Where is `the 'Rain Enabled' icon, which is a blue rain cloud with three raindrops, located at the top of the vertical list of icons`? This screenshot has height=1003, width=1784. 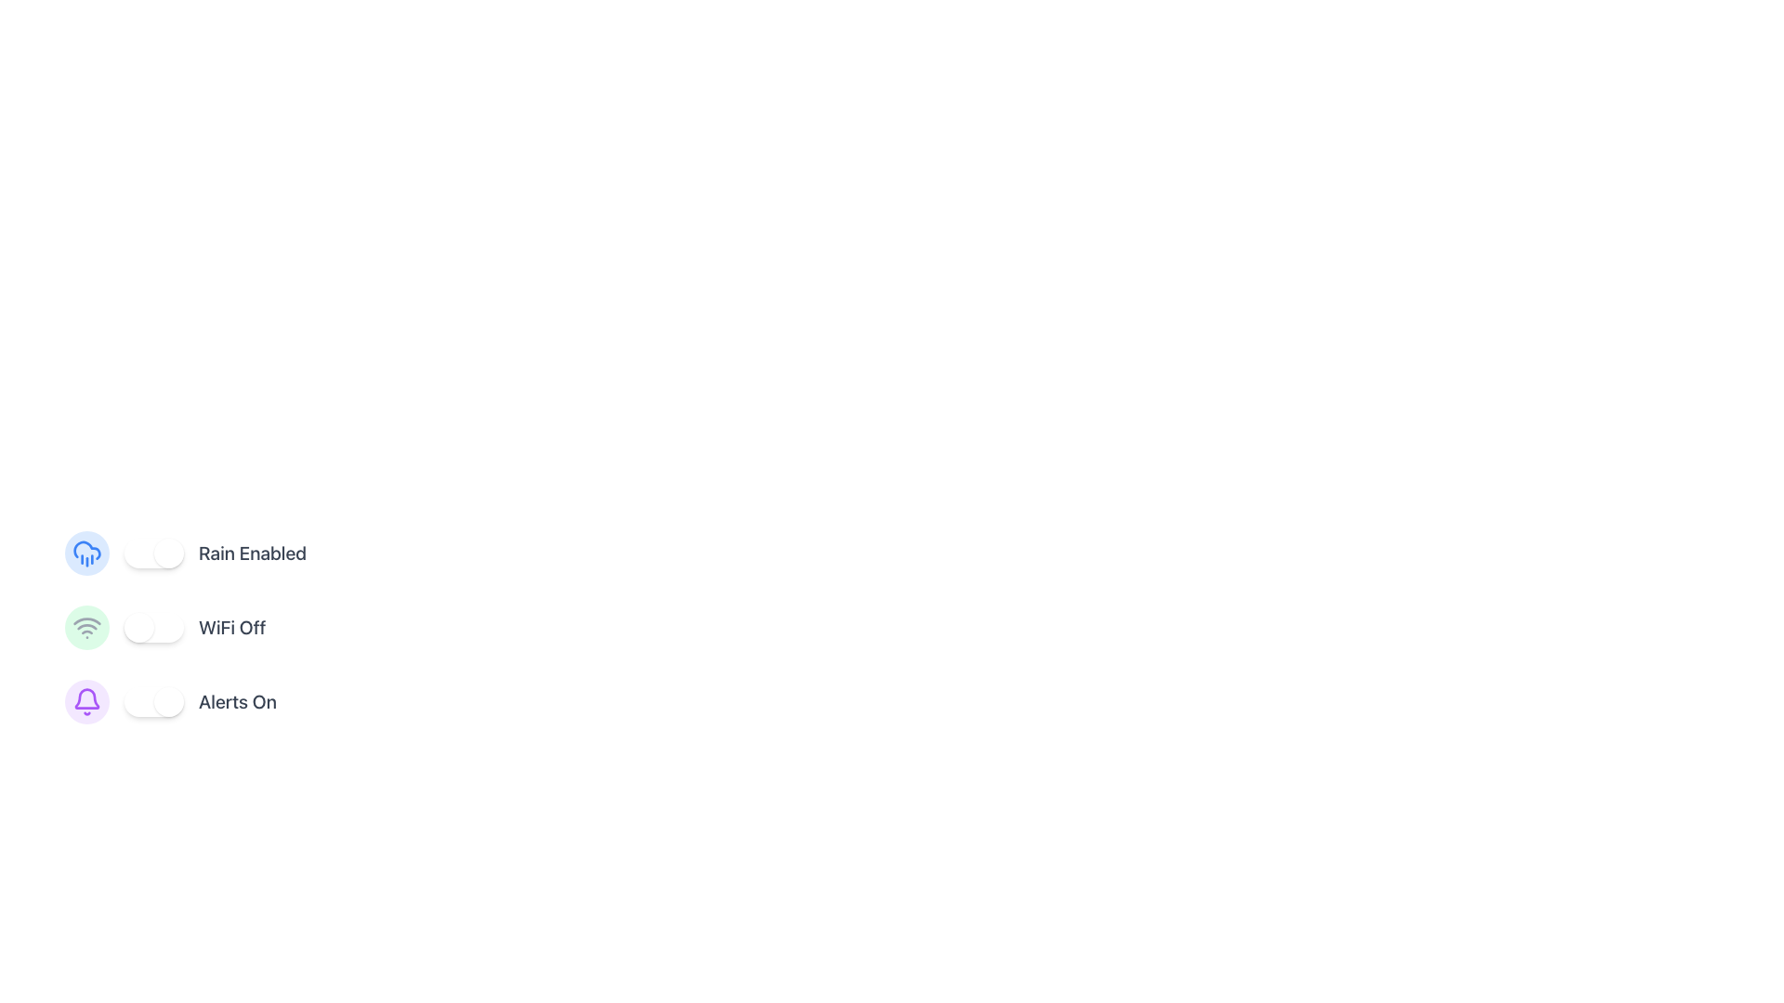 the 'Rain Enabled' icon, which is a blue rain cloud with three raindrops, located at the top of the vertical list of icons is located at coordinates (86, 553).